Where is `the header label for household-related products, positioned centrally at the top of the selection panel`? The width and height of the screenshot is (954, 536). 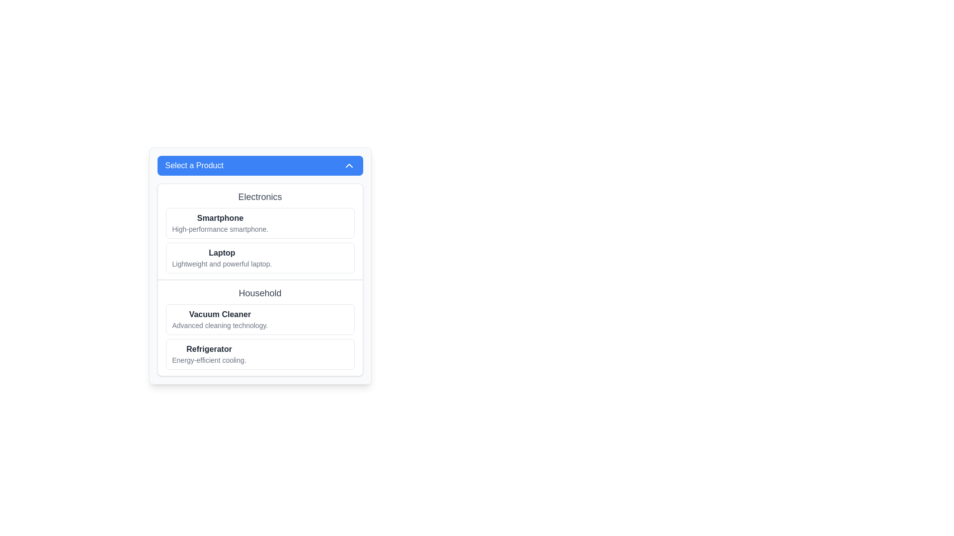
the header label for household-related products, positioned centrally at the top of the selection panel is located at coordinates (260, 292).